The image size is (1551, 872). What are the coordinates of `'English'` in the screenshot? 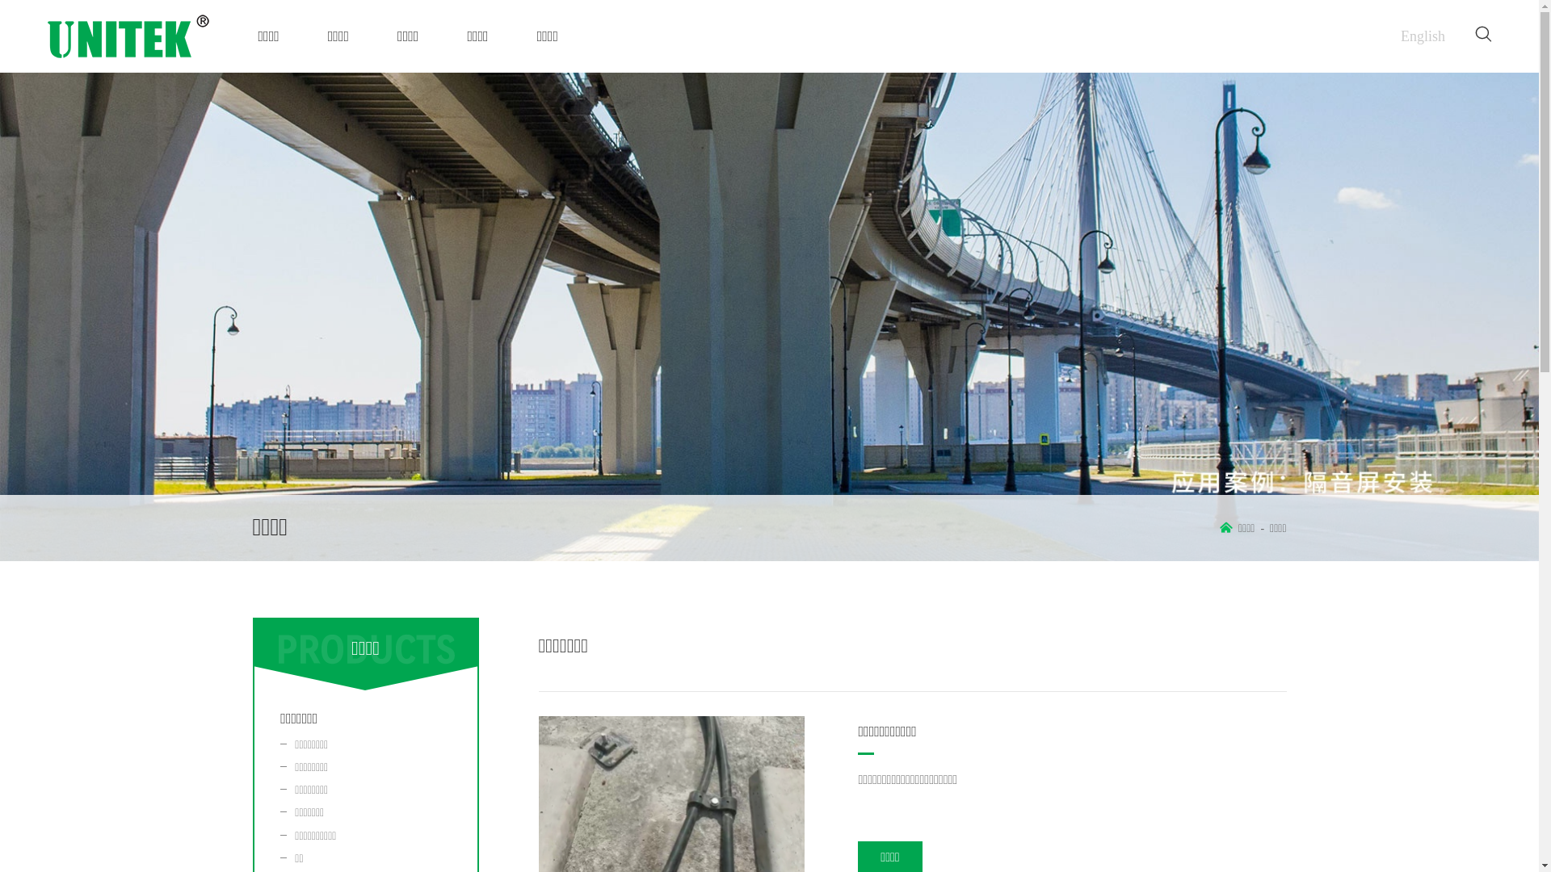 It's located at (1423, 36).